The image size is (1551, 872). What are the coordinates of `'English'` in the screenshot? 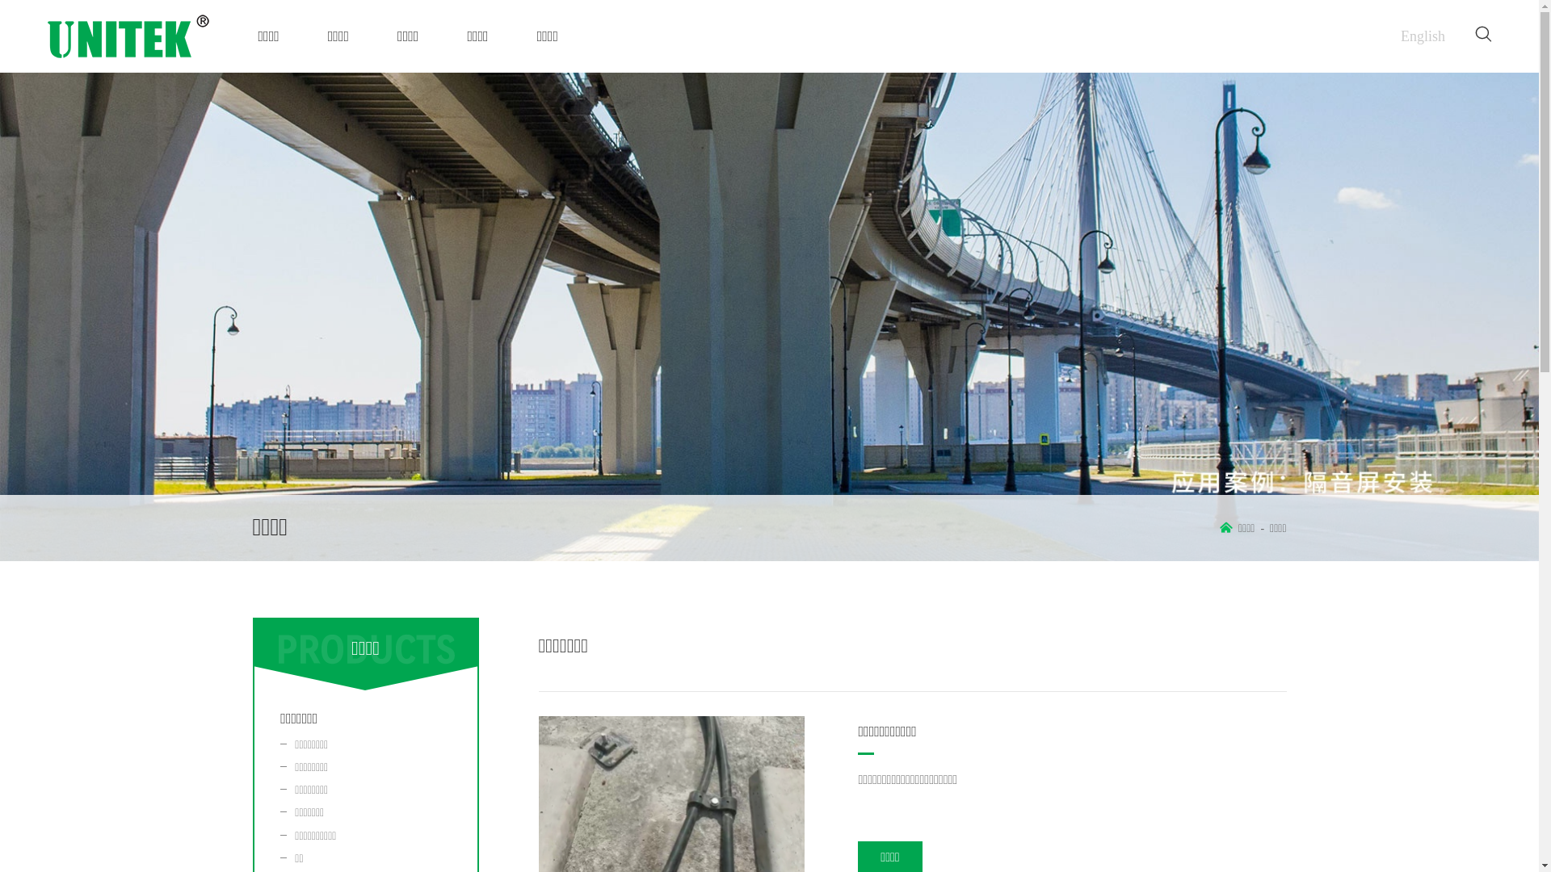 It's located at (1423, 36).